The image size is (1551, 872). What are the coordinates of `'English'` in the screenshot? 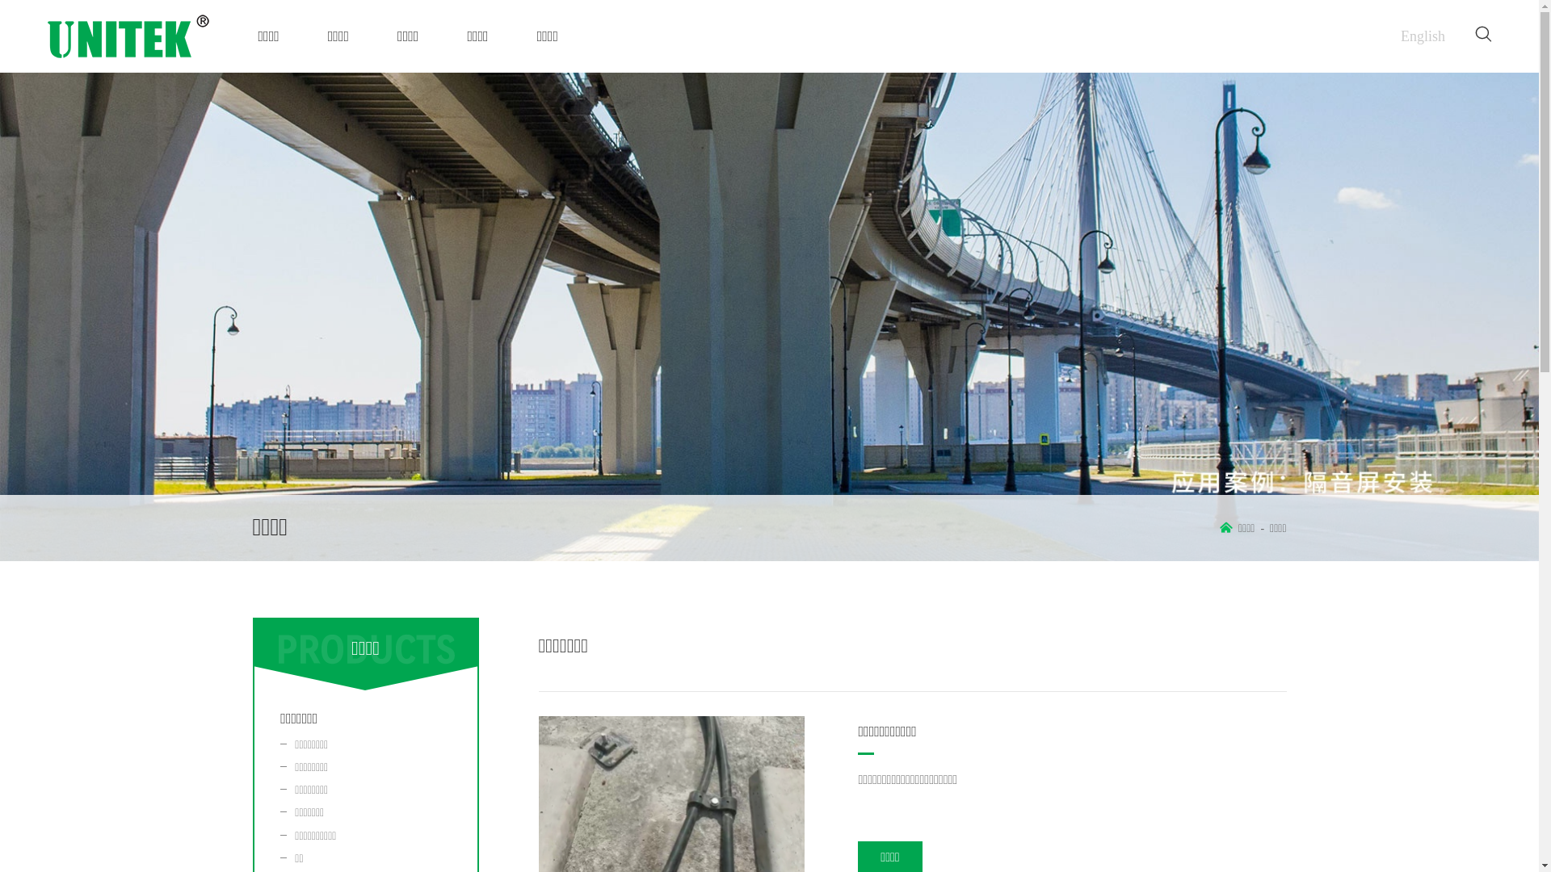 It's located at (1423, 36).